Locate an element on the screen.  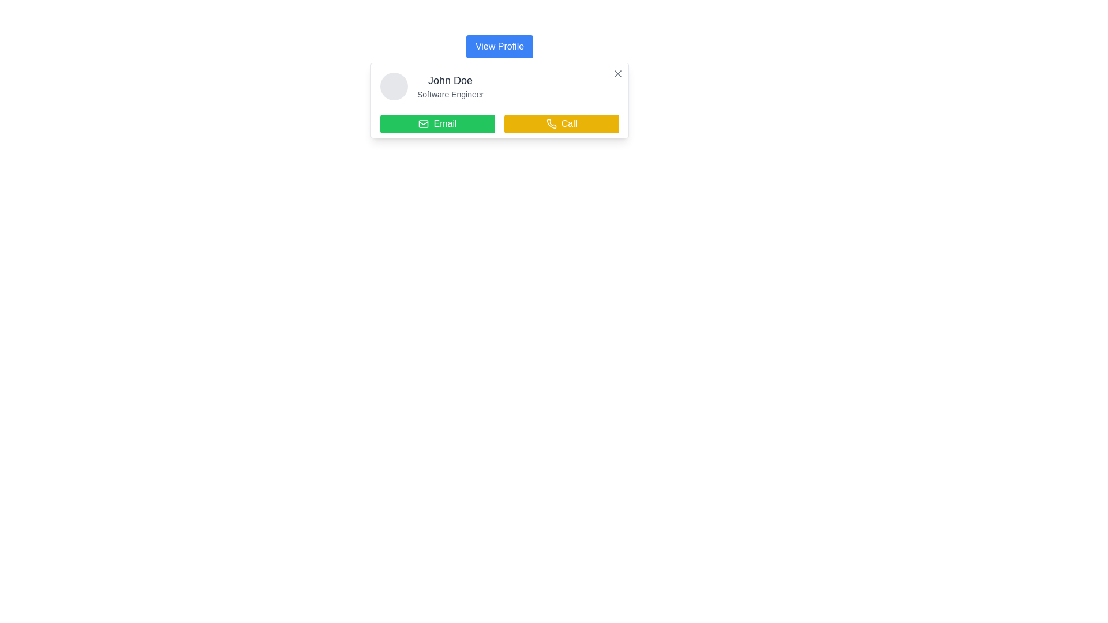
the 'Email' button, which is located on the left side of a button group under a profile header, to potentially view additional information is located at coordinates (437, 124).